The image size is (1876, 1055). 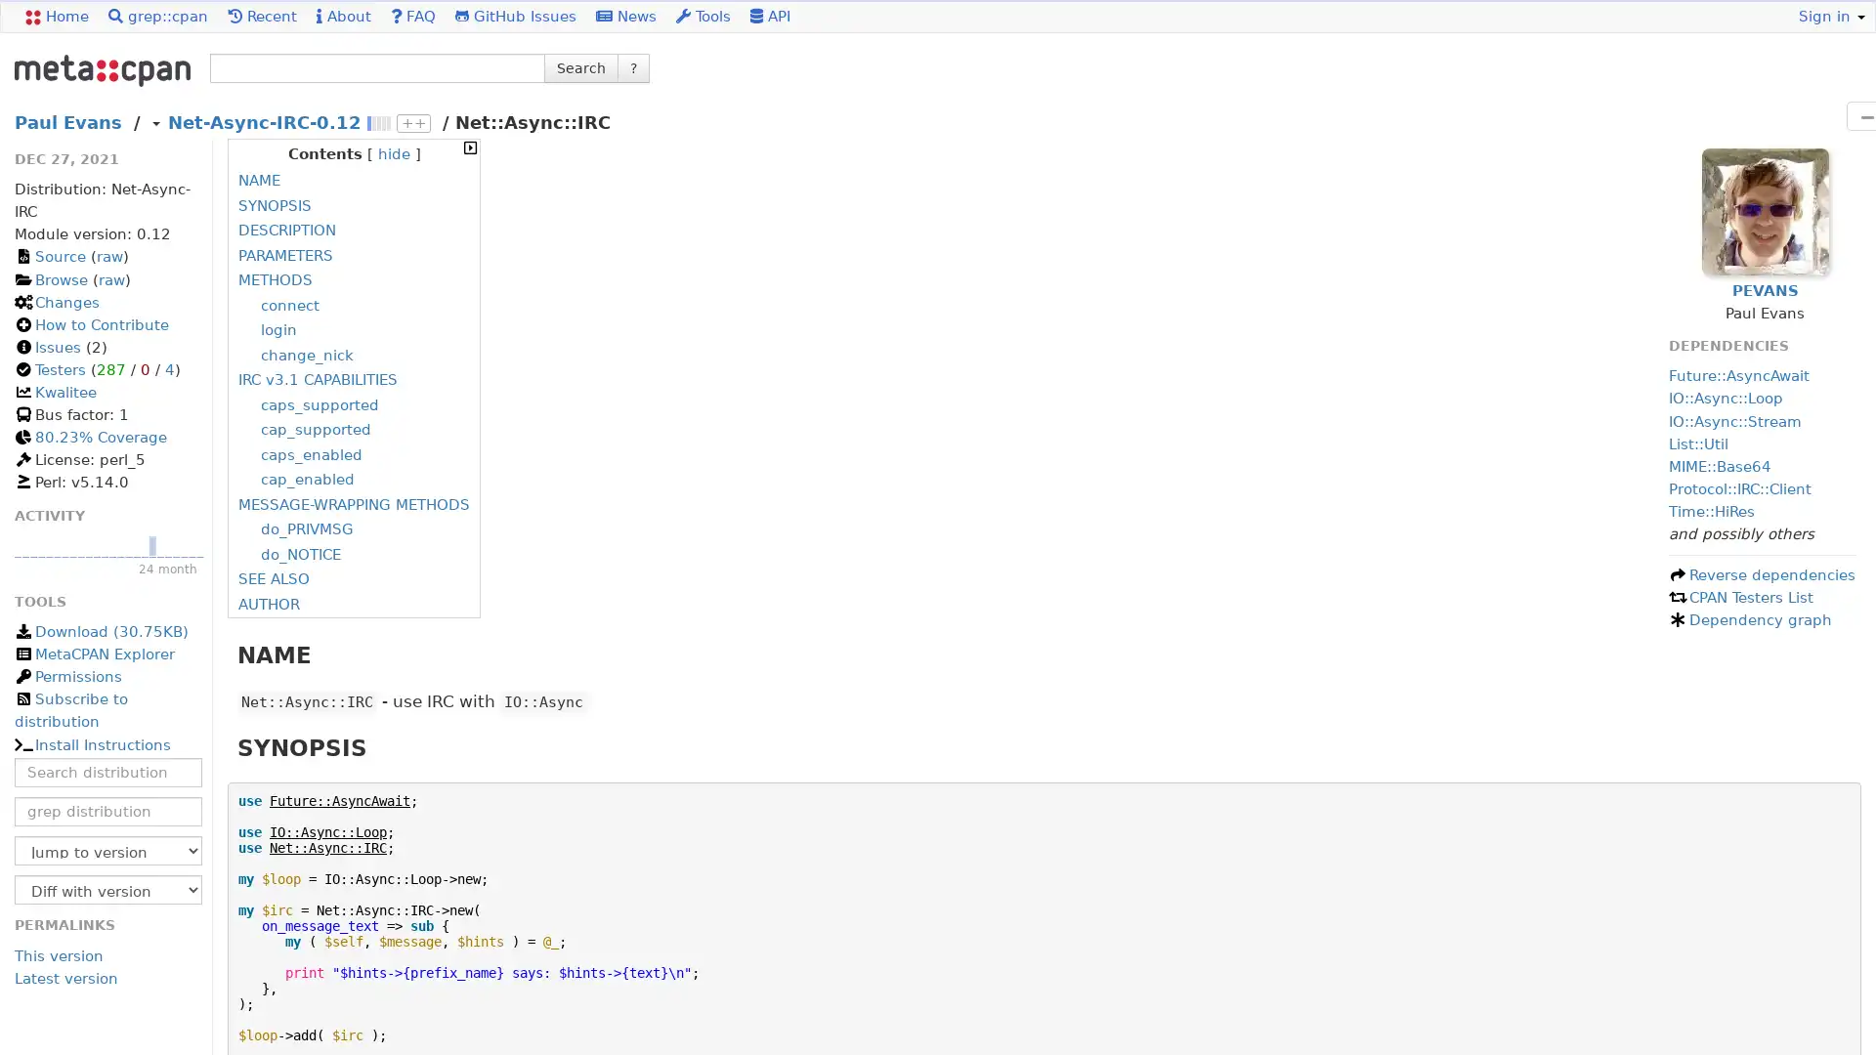 I want to click on ?, so click(x=633, y=66).